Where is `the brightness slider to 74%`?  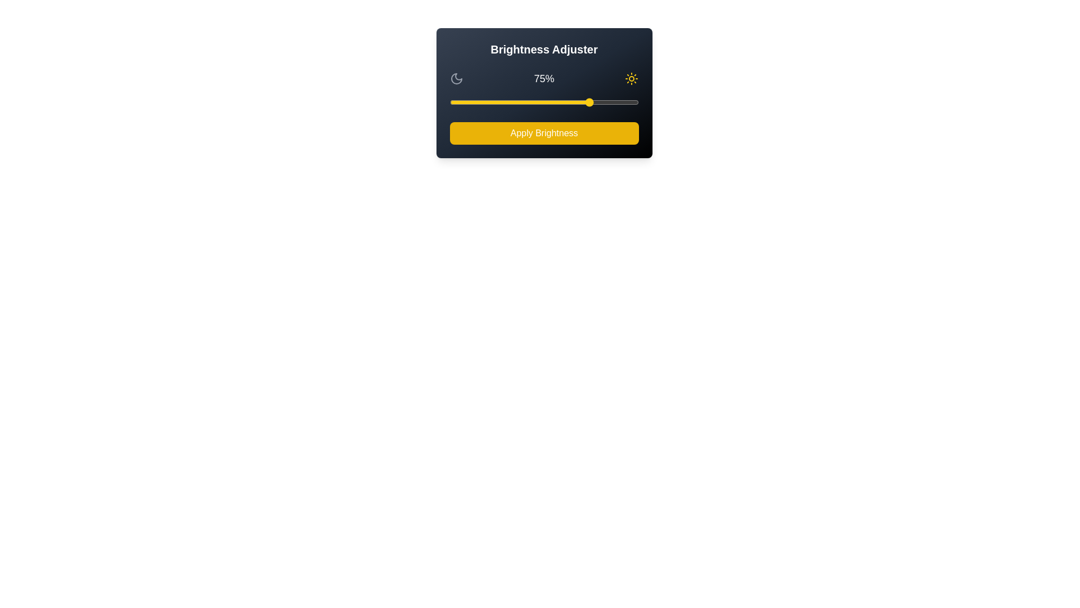 the brightness slider to 74% is located at coordinates (589, 102).